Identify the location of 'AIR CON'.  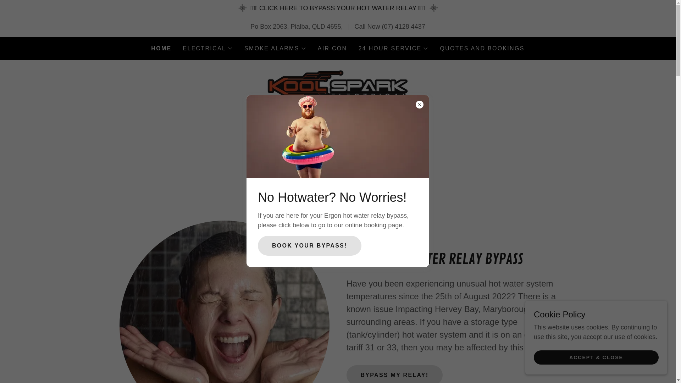
(332, 48).